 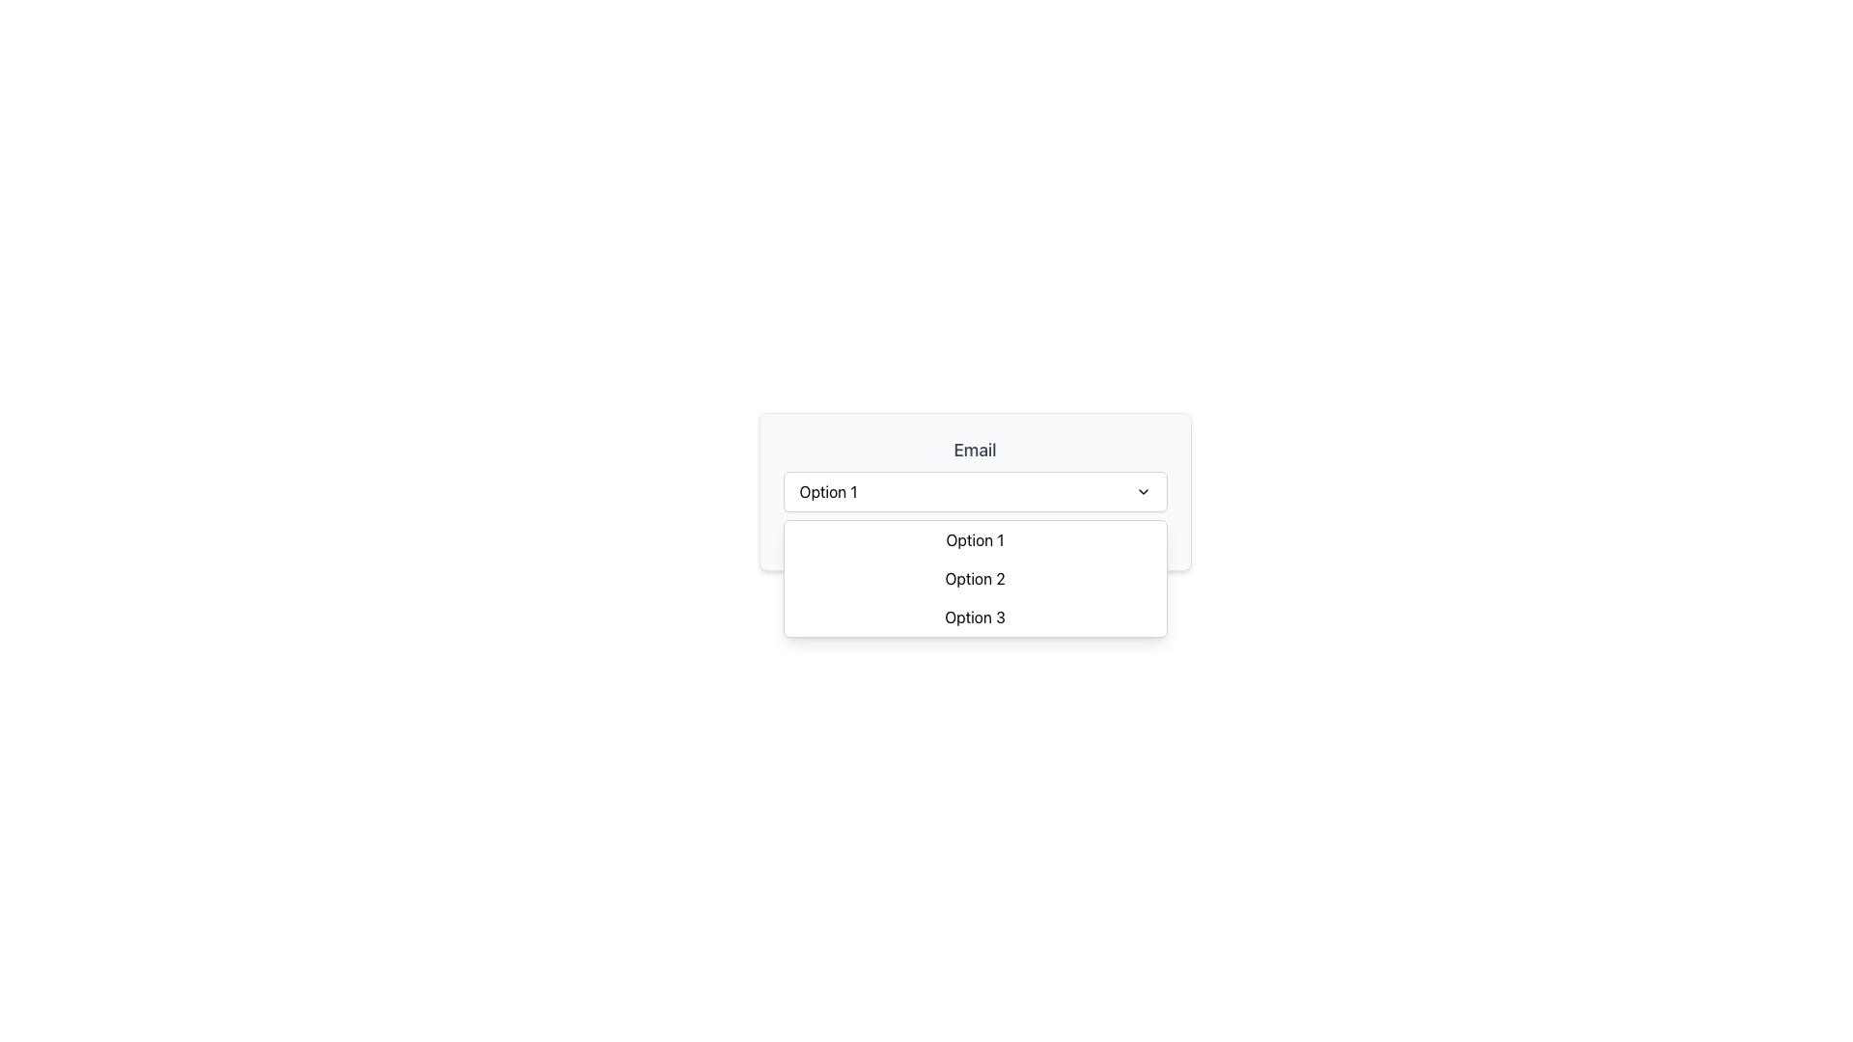 What do you see at coordinates (975, 578) in the screenshot?
I see `the second item in the dropdown menu labeled 'Option 2'` at bounding box center [975, 578].